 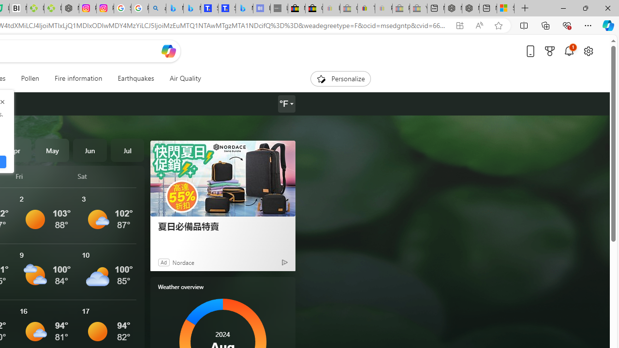 What do you see at coordinates (181, 78) in the screenshot?
I see `'Air Quality'` at bounding box center [181, 78].